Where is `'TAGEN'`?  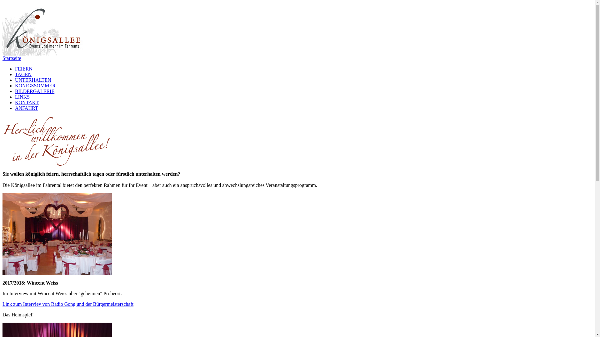
'TAGEN' is located at coordinates (23, 74).